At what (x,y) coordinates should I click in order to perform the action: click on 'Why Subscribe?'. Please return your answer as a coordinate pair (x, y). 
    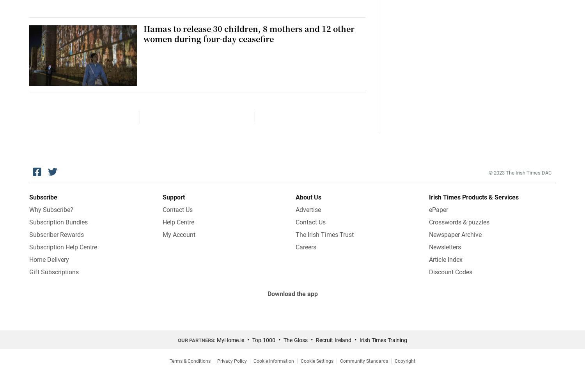
    Looking at the image, I should click on (51, 209).